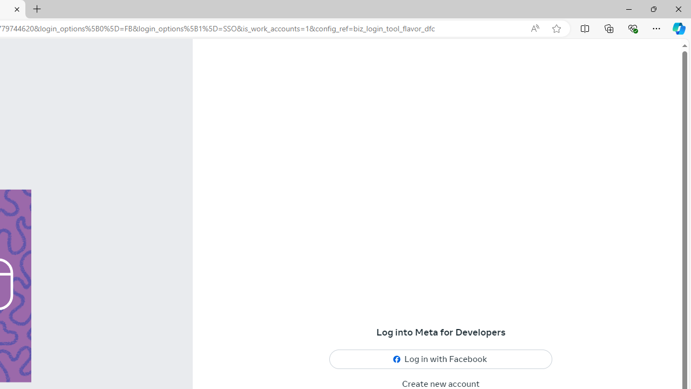 This screenshot has width=691, height=389. I want to click on 'Log in with Facebook', so click(441, 359).